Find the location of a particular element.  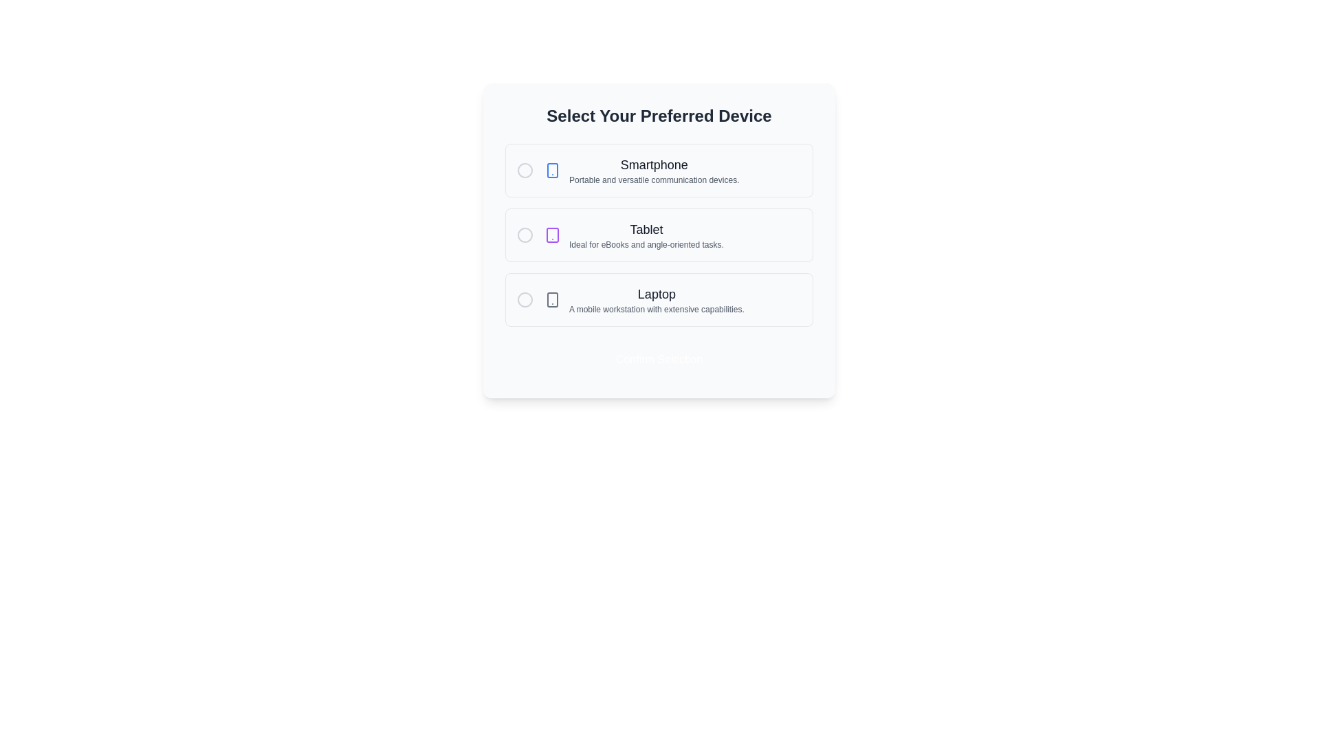

the selection indicator circle is located at coordinates (659, 235).